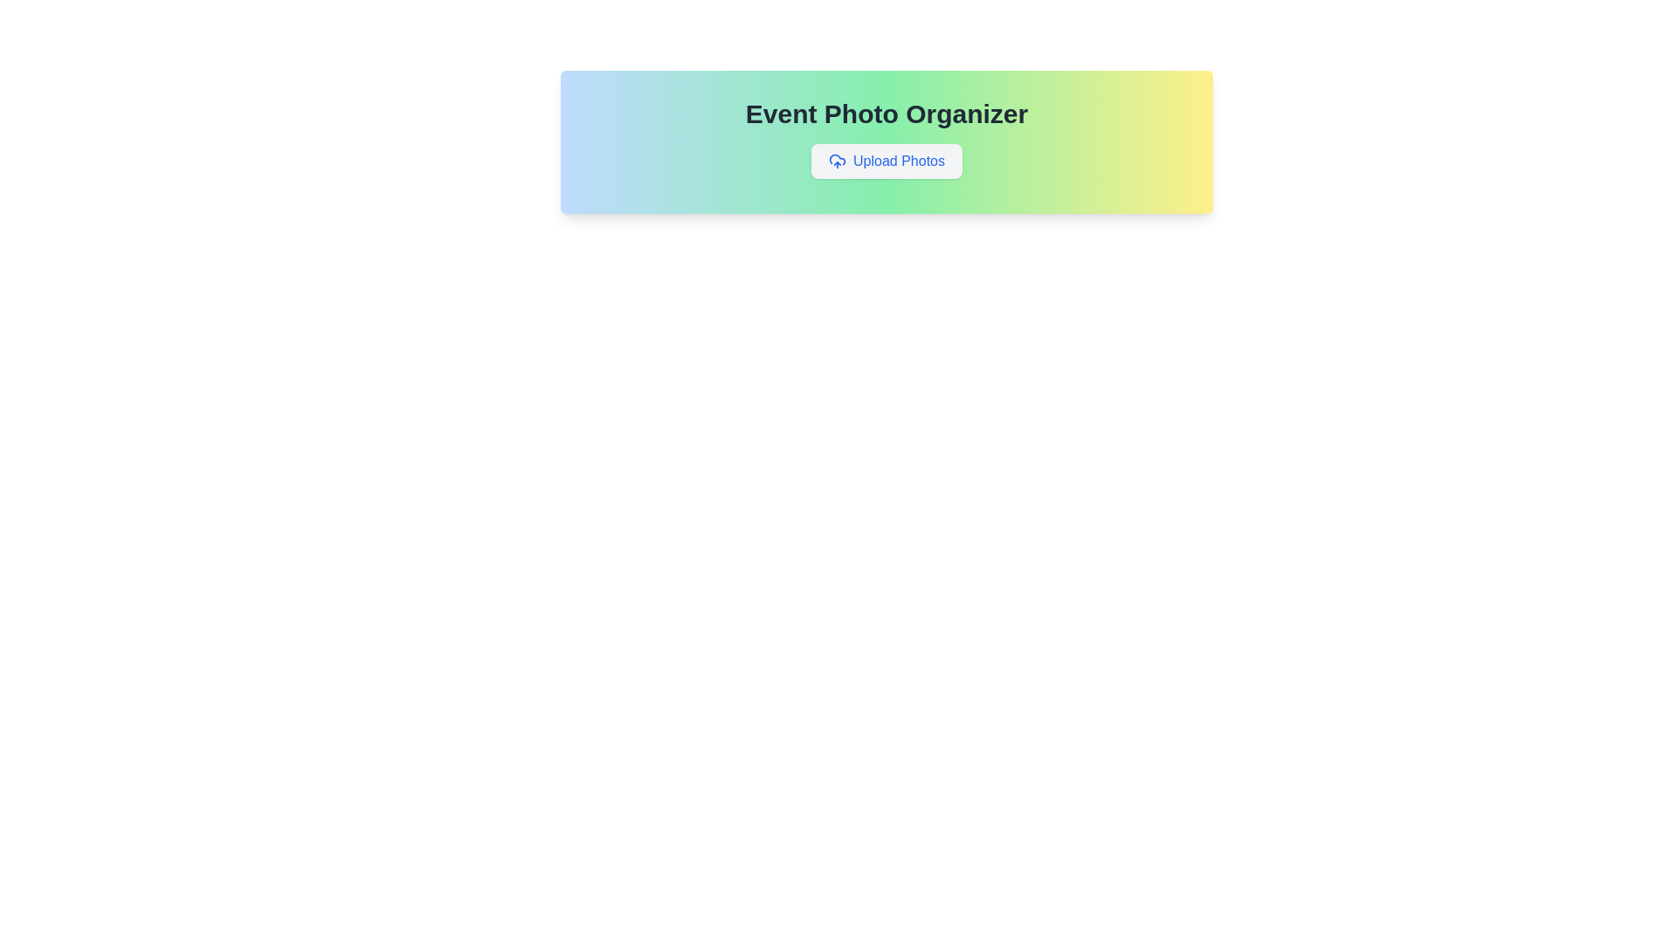 The image size is (1677, 943). What do you see at coordinates (887, 114) in the screenshot?
I see `the text header displaying 'Event Photo Organizer', which is styled with a large bold font and centered alignment on a gradient background` at bounding box center [887, 114].